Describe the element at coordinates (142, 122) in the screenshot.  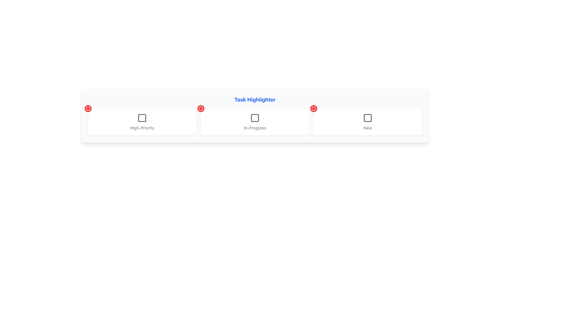
I see `the 'High-Priority' static card, which is the leftmost card in a horizontal grid of three cards, featuring a gray square icon and the text 'High-Priority' beneath it` at that location.